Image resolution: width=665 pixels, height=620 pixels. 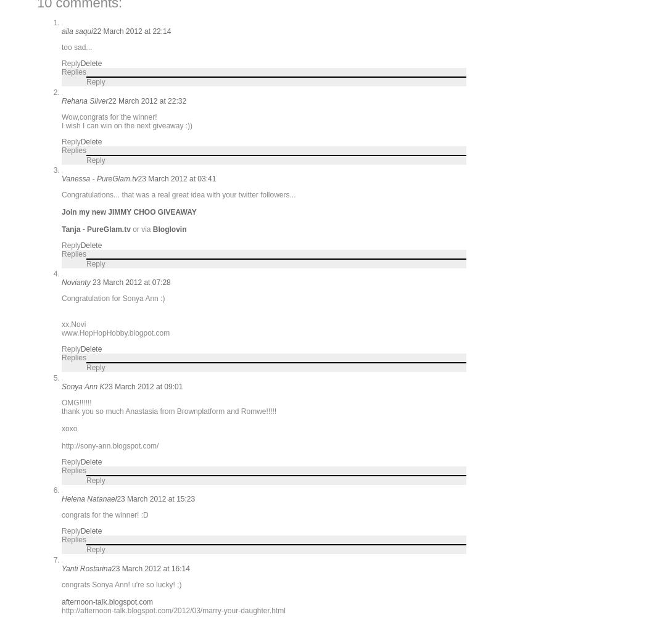 What do you see at coordinates (106, 600) in the screenshot?
I see `'afternoon-talk.blogspot.com'` at bounding box center [106, 600].